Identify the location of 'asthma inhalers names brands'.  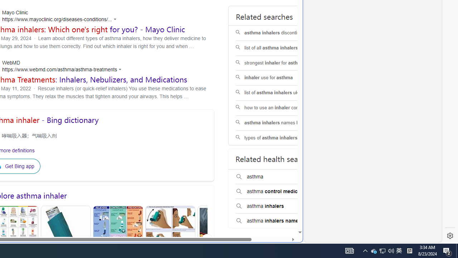
(281, 123).